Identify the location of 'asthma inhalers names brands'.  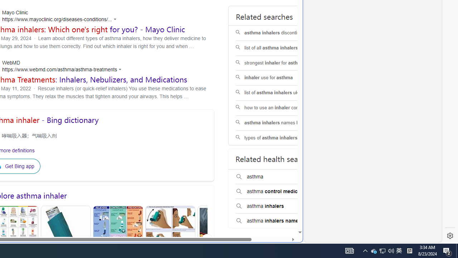
(281, 123).